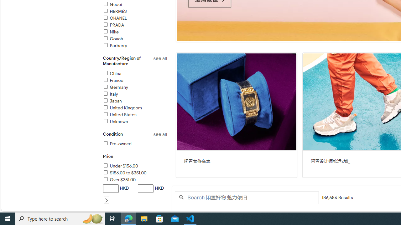 The width and height of the screenshot is (401, 225). Describe the element at coordinates (111, 188) in the screenshot. I see `'Minimum Value'` at that location.